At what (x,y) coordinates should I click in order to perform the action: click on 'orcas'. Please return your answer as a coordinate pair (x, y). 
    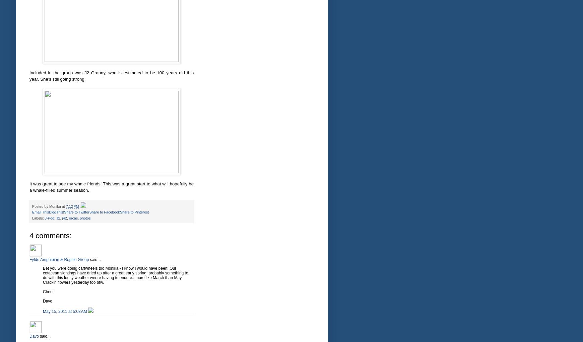
    Looking at the image, I should click on (73, 218).